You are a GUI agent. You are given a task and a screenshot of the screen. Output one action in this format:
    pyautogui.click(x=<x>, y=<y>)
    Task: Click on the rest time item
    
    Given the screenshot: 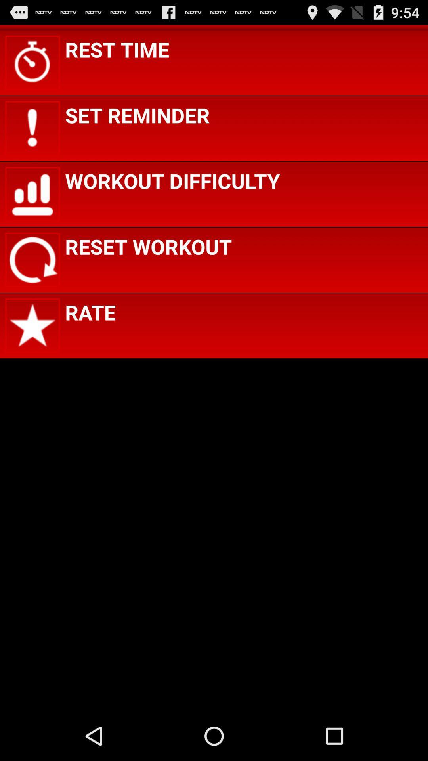 What is the action you would take?
    pyautogui.click(x=117, y=49)
    